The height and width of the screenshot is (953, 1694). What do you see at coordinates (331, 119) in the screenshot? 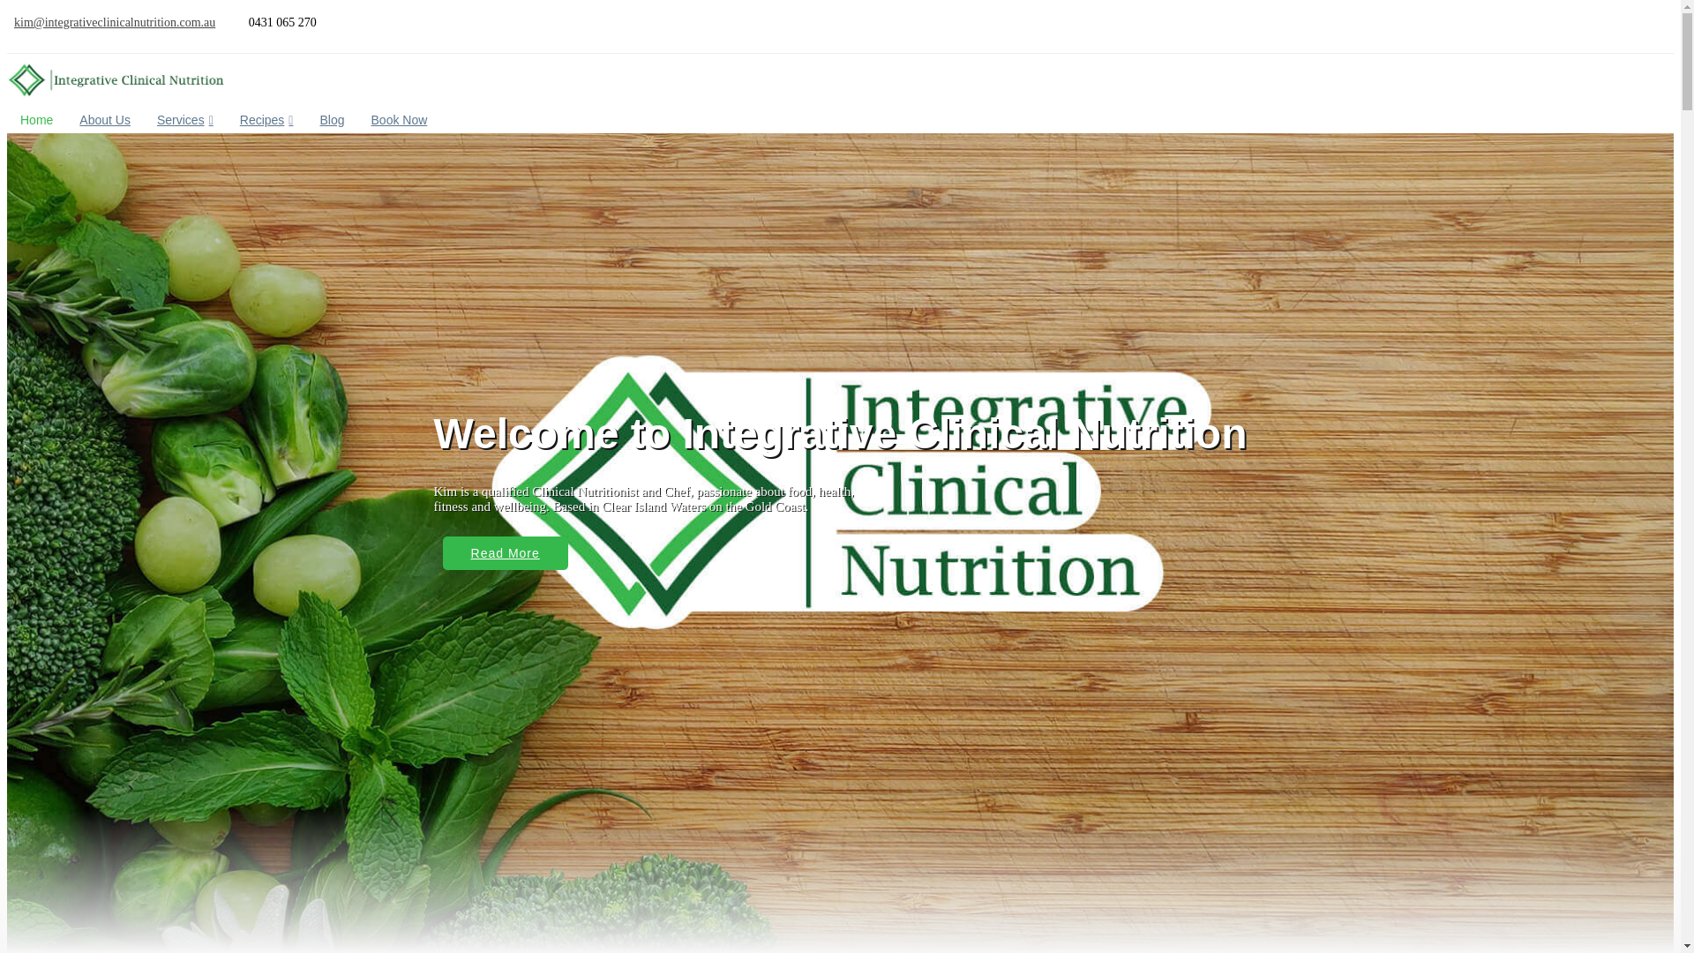
I see `'Blog'` at bounding box center [331, 119].